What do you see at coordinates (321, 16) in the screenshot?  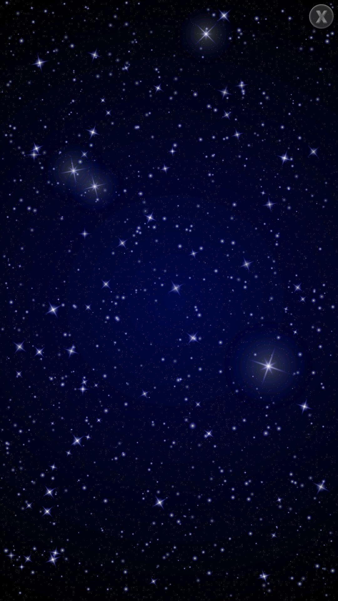 I see `window` at bounding box center [321, 16].